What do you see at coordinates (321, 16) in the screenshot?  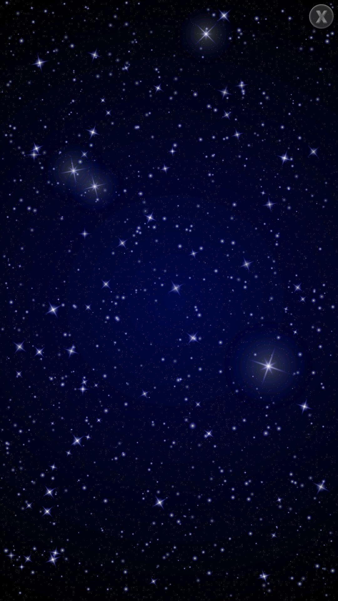 I see `window` at bounding box center [321, 16].